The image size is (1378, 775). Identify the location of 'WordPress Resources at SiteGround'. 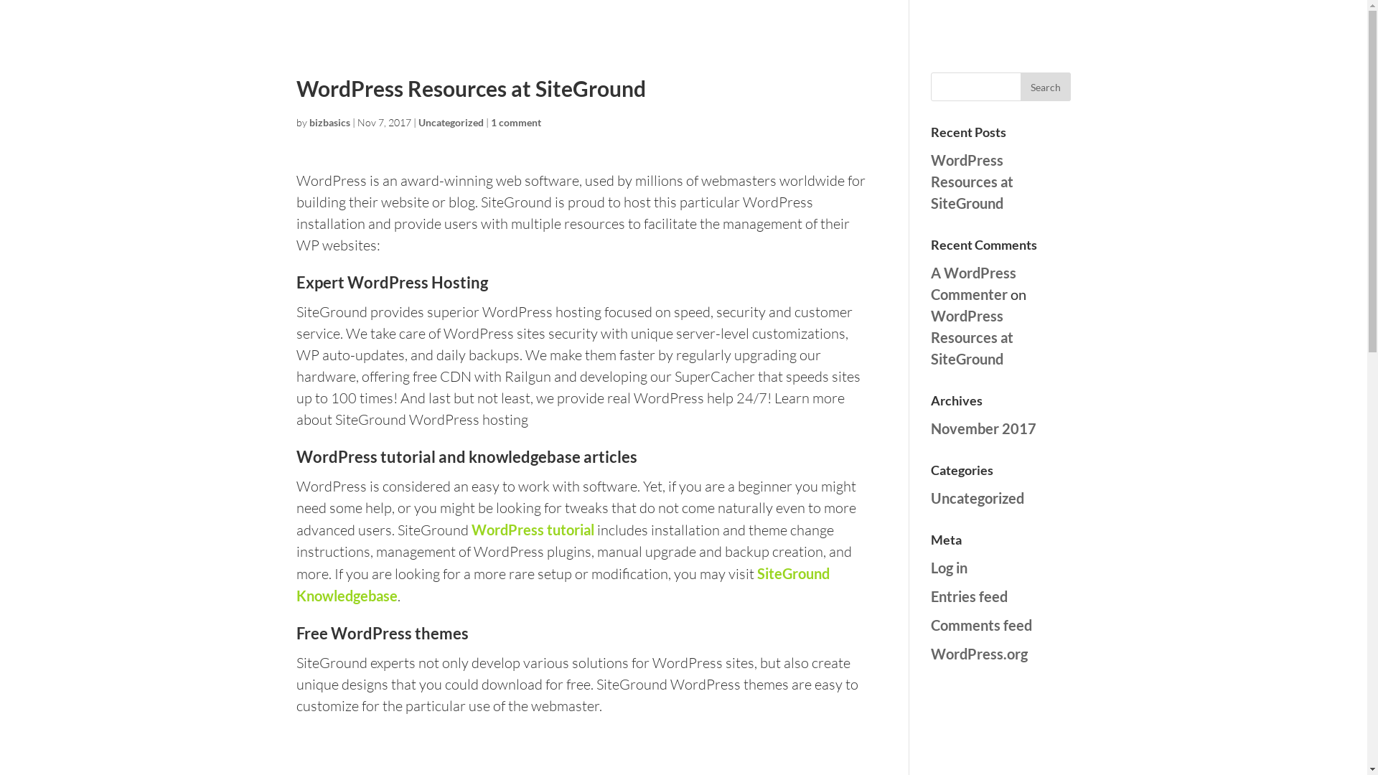
(972, 181).